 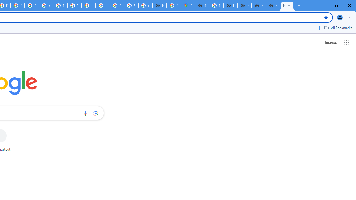 What do you see at coordinates (74, 6) in the screenshot?
I see `'Tips & tricks for Chrome - Google Chrome Help'` at bounding box center [74, 6].